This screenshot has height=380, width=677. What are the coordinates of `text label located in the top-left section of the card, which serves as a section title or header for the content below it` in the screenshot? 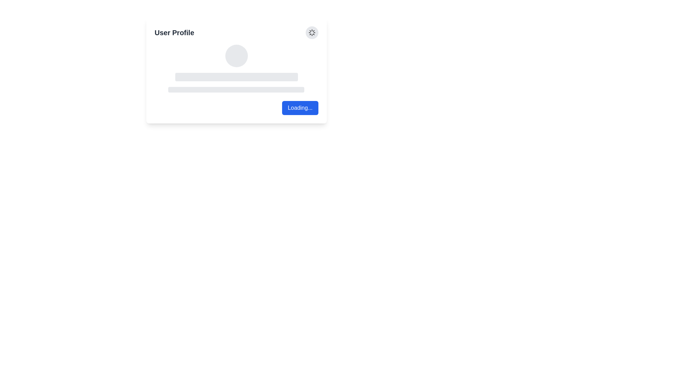 It's located at (174, 32).